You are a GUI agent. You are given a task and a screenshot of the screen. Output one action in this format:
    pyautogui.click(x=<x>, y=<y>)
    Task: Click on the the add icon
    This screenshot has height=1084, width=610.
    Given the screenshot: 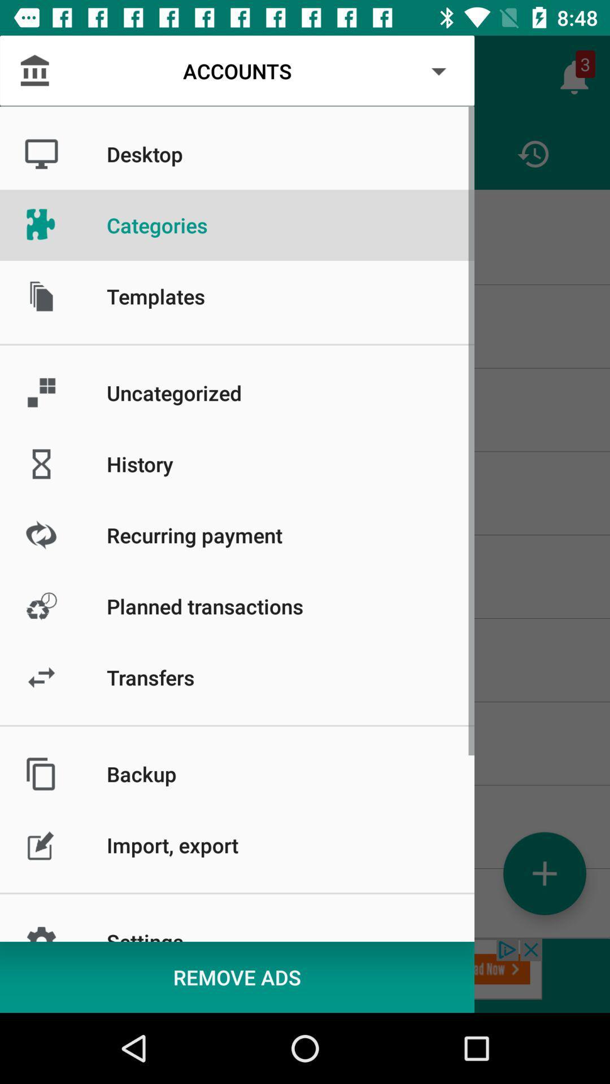 What is the action you would take?
    pyautogui.click(x=544, y=873)
    